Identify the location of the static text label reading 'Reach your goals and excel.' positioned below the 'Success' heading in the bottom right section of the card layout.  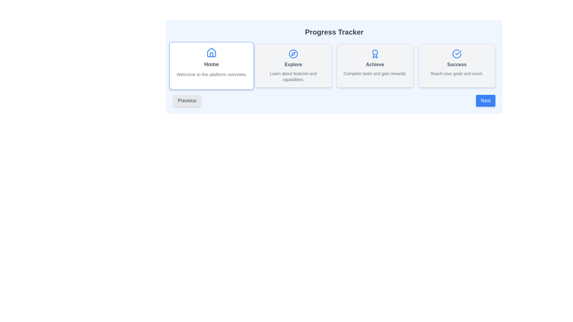
(457, 73).